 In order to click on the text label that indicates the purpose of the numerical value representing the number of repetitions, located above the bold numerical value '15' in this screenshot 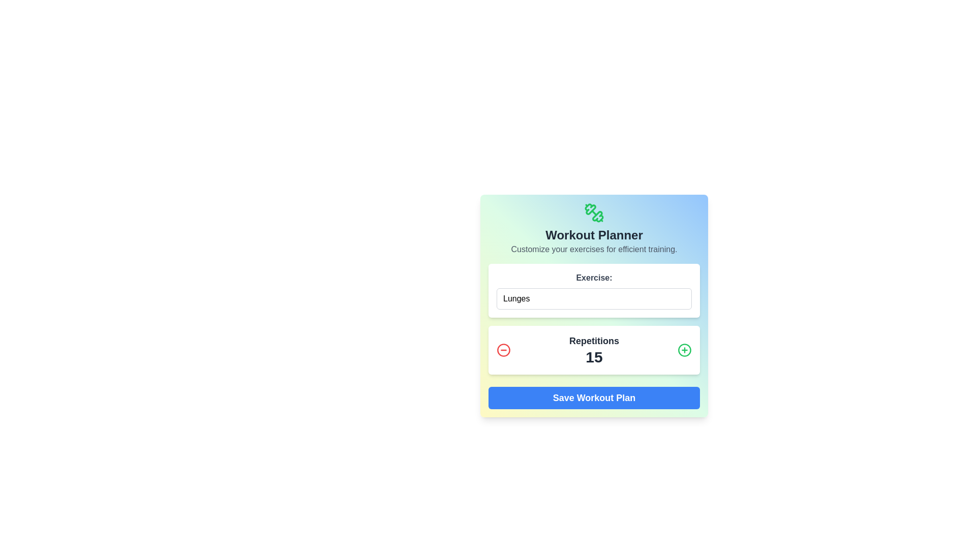, I will do `click(594, 341)`.